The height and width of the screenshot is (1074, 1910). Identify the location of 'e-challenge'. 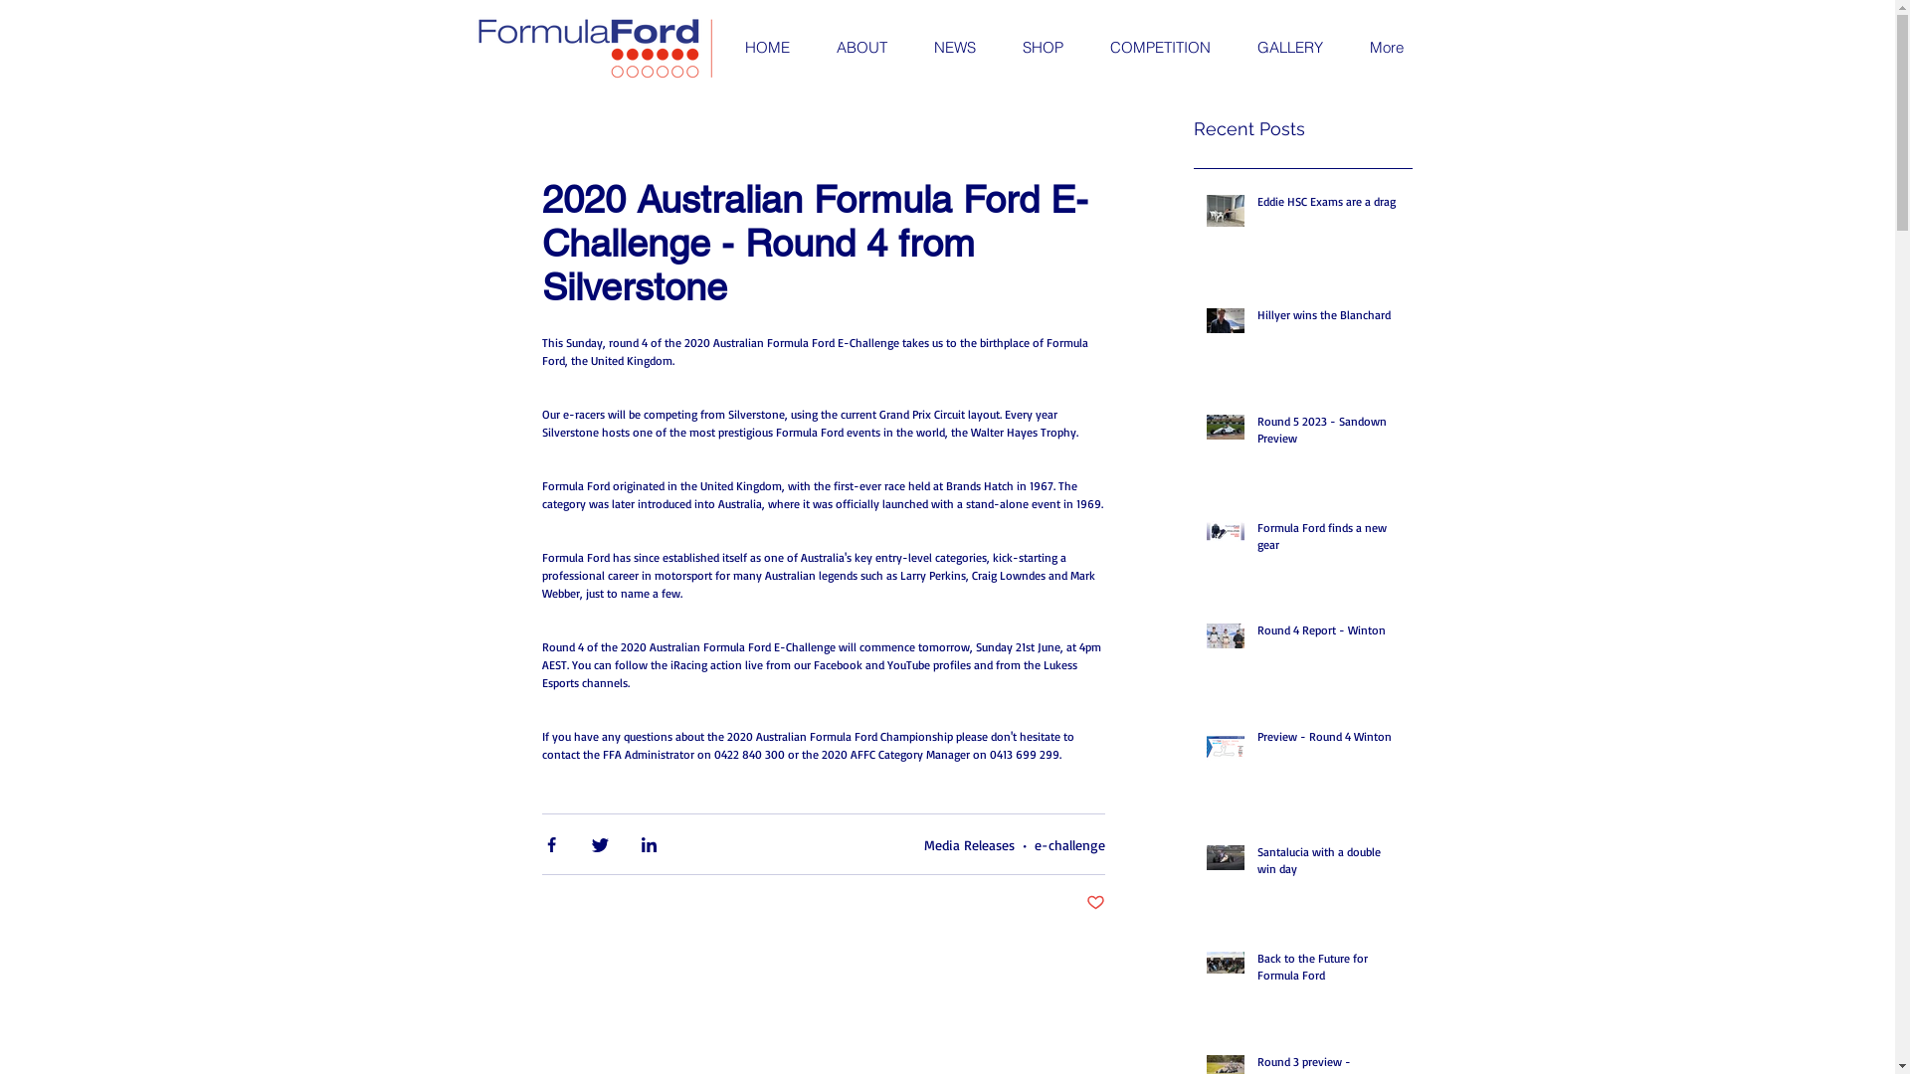
(1068, 843).